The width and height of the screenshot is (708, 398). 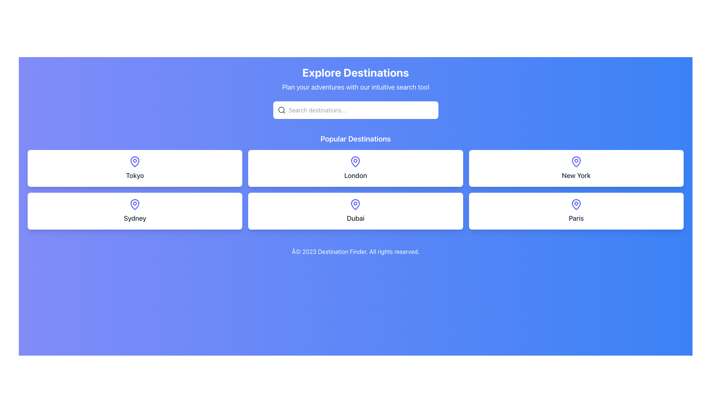 What do you see at coordinates (355, 211) in the screenshot?
I see `the informational card labeled 'Dubai', which is the central card in the second row of a grid layout` at bounding box center [355, 211].